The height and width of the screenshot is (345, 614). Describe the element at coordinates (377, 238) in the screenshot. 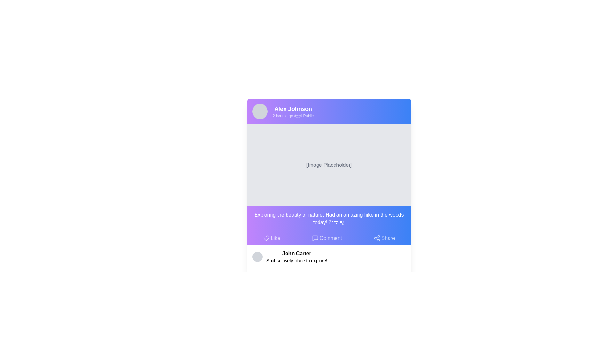

I see `the share icon, which is a minimalist design with interconnected circles and lines, located to the left of the 'Share' text in the bottom-right corner of the main post section` at that location.